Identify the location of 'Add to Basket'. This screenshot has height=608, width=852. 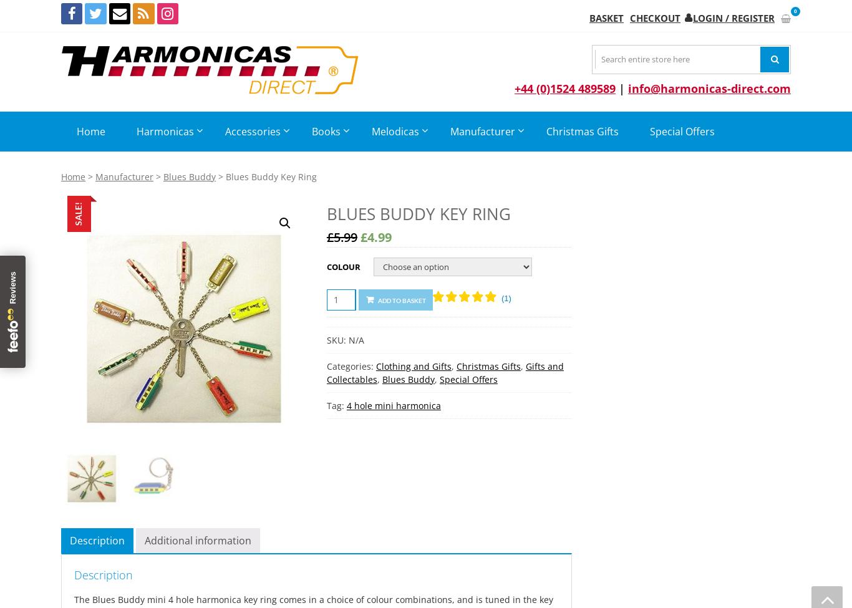
(400, 299).